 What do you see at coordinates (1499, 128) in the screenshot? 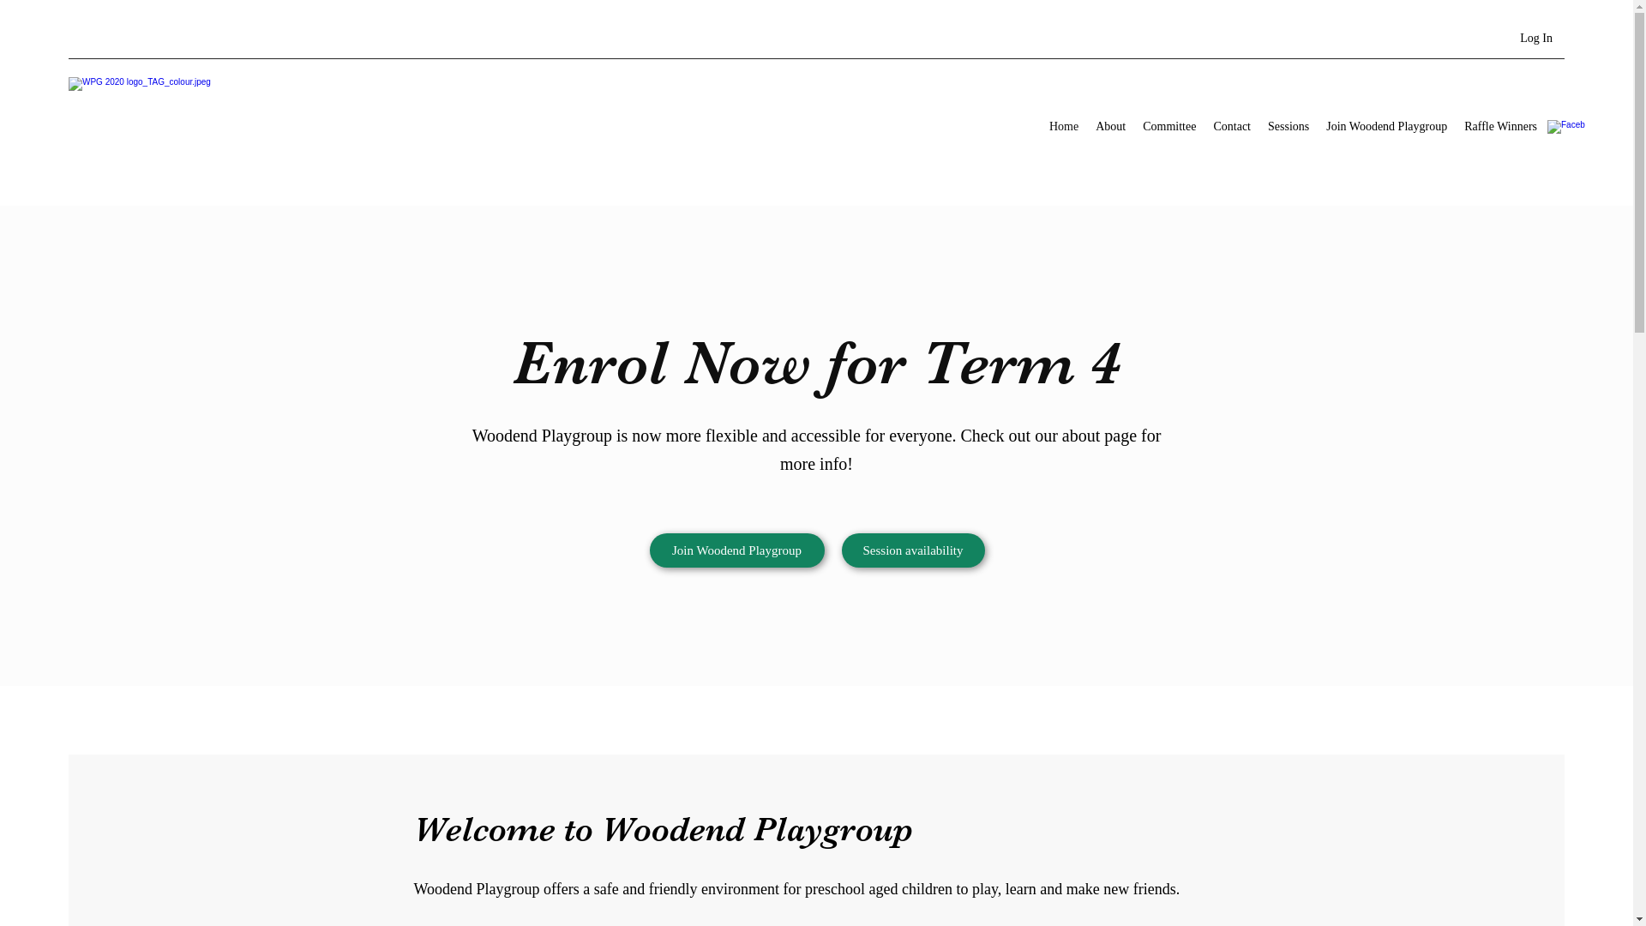
I see `'Raffle Winners'` at bounding box center [1499, 128].